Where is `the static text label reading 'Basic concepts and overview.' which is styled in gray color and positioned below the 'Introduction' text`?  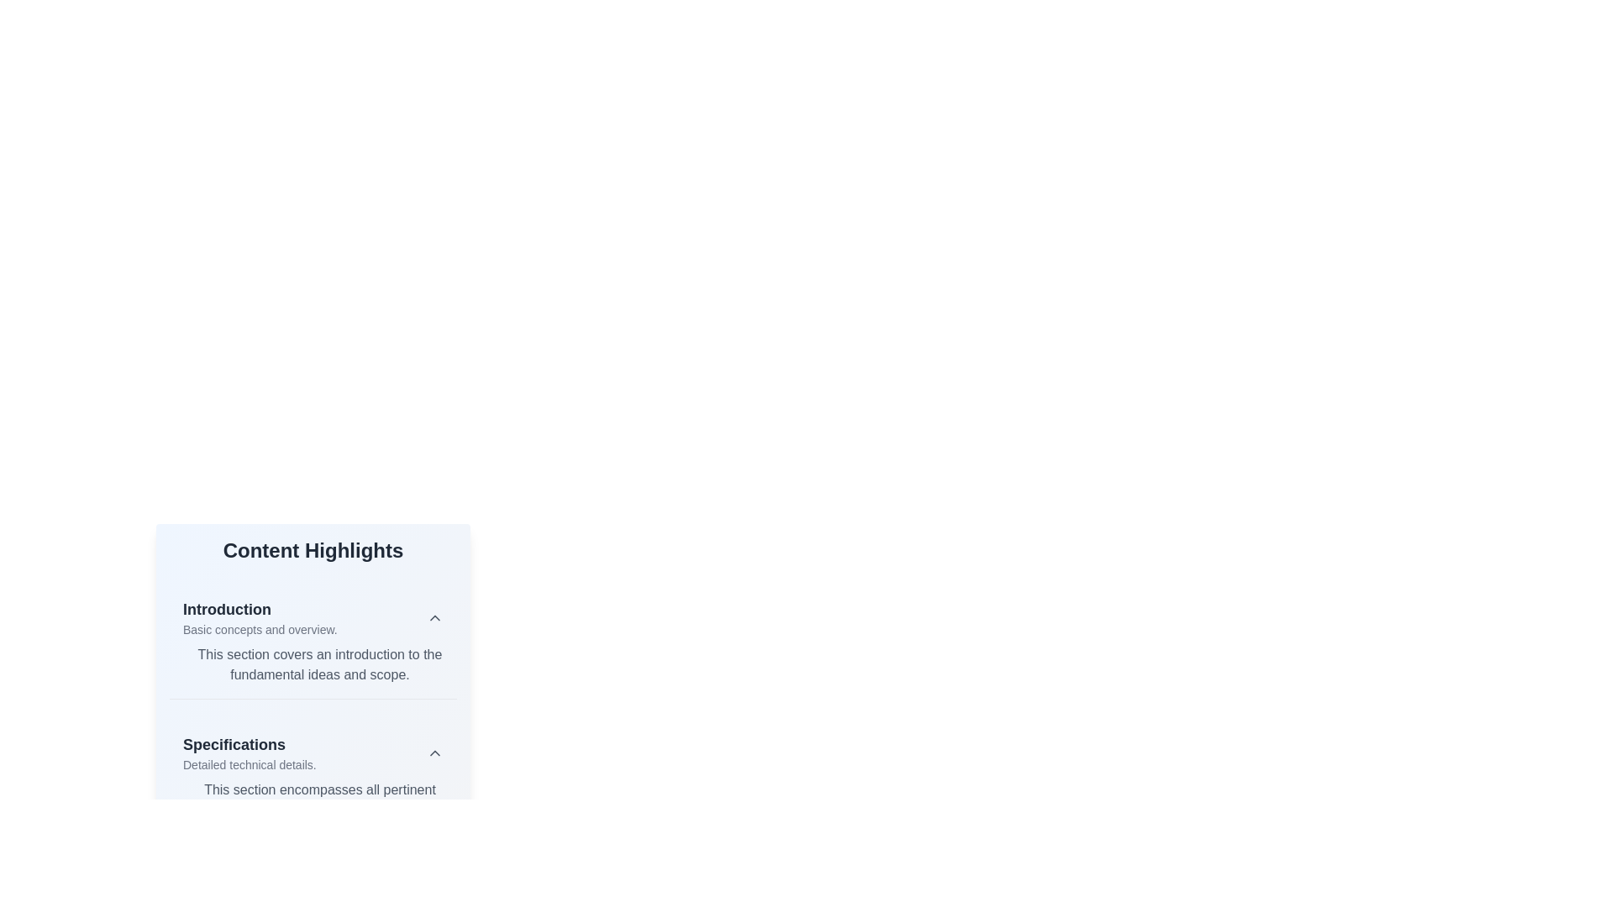 the static text label reading 'Basic concepts and overview.' which is styled in gray color and positioned below the 'Introduction' text is located at coordinates (259, 629).